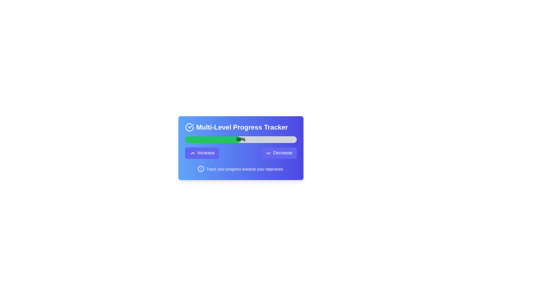  Describe the element at coordinates (201, 168) in the screenshot. I see `the blue circular icon located to the left of the text 'Track your progress towards your objectives.'` at that location.